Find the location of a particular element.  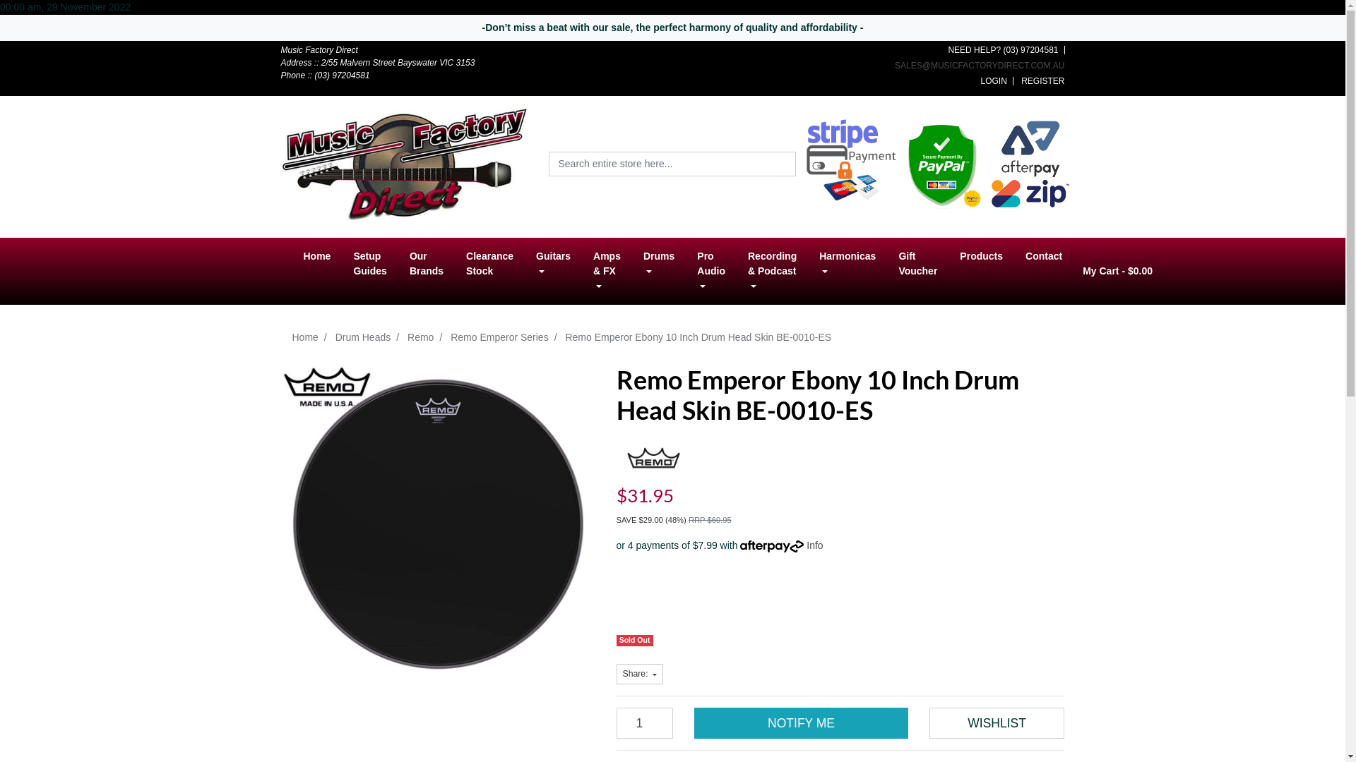

'Recording & Podcast' is located at coordinates (771, 271).